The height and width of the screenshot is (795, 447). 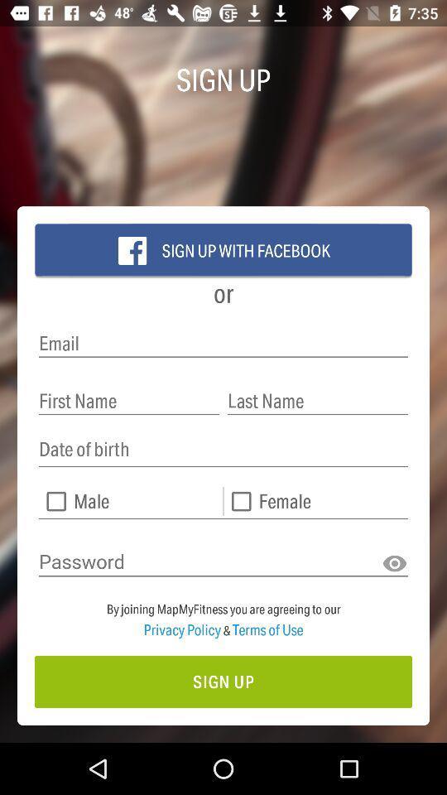 What do you see at coordinates (223, 562) in the screenshot?
I see `the text field which is above the two lines text from the bottom` at bounding box center [223, 562].